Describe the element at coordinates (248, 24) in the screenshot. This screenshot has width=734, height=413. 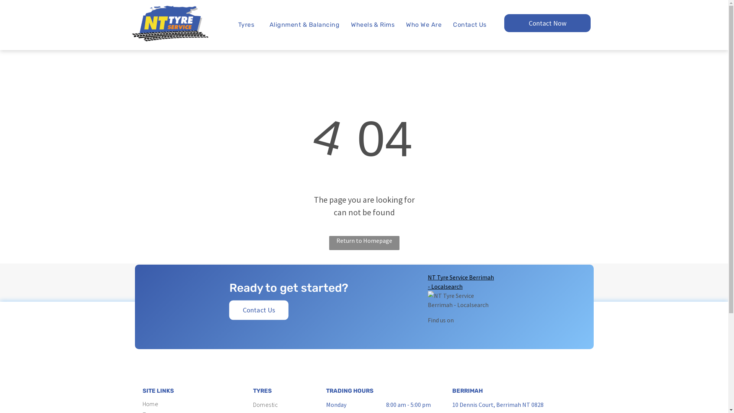
I see `'Tyres'` at that location.